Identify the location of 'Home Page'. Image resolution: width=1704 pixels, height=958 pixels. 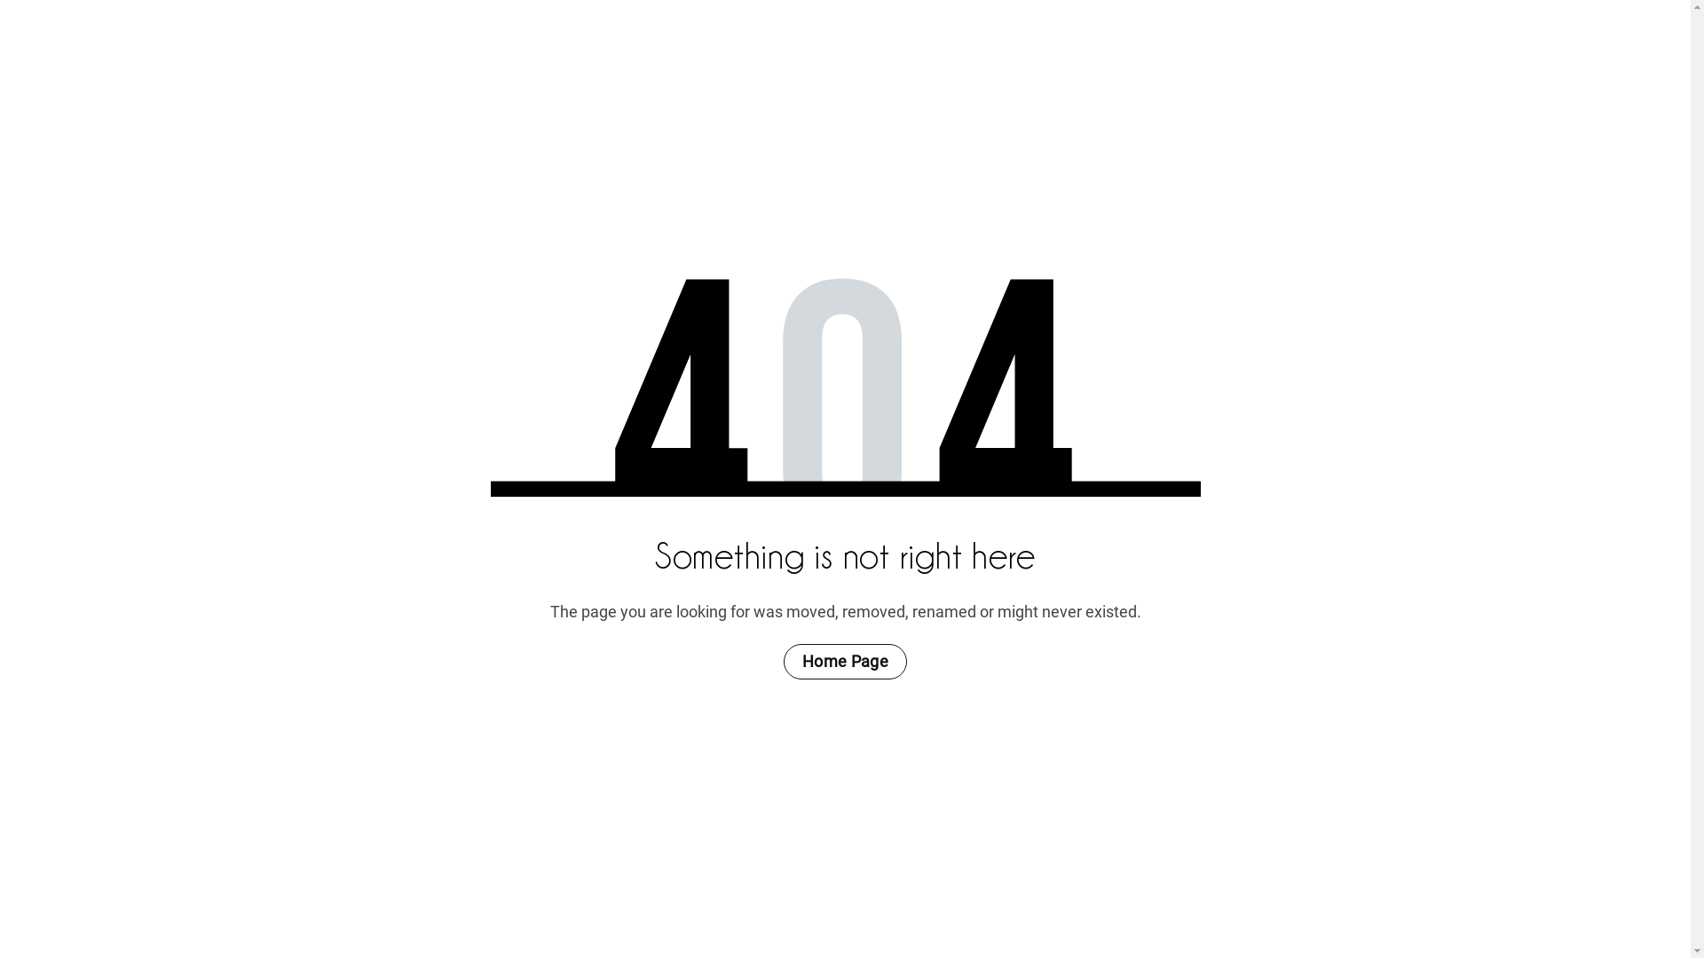
(844, 661).